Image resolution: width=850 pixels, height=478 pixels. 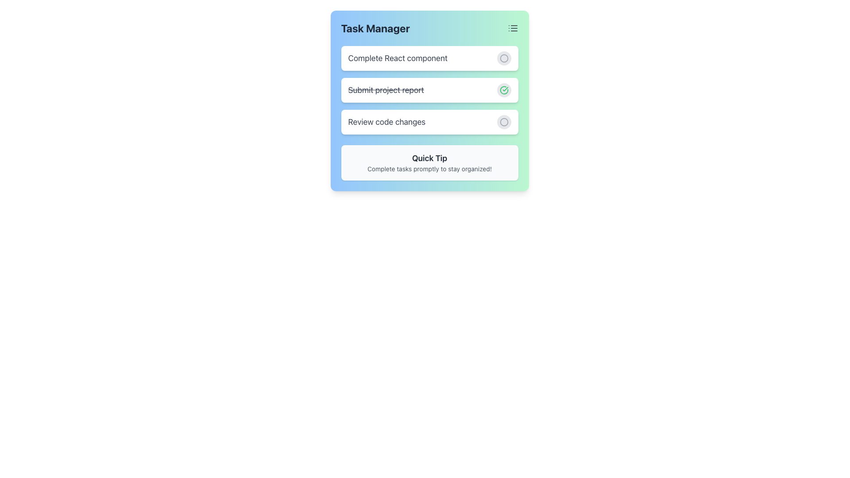 What do you see at coordinates (504, 90) in the screenshot?
I see `the outer circular arc of the checkmark graphic indicating the completion status of the 'Submit project report' task in the task list` at bounding box center [504, 90].